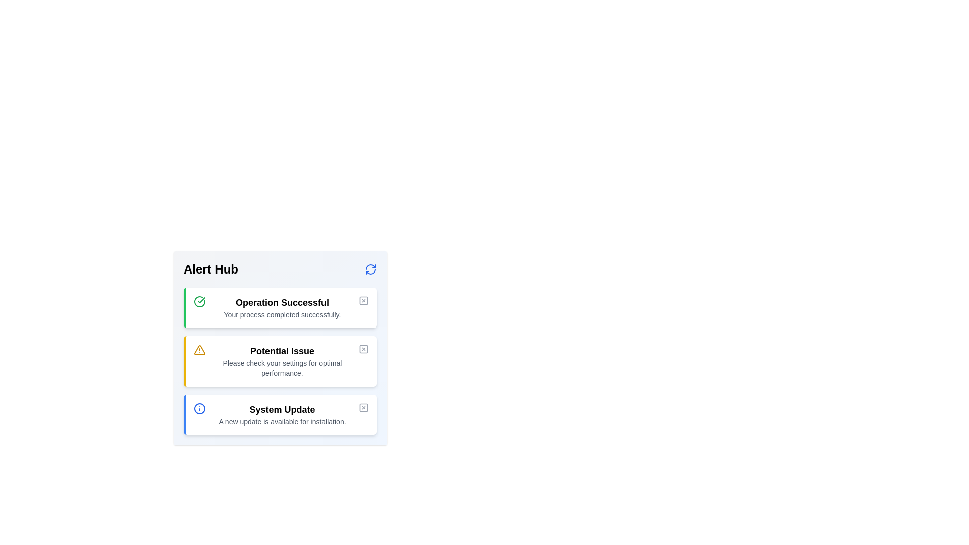  What do you see at coordinates (199, 350) in the screenshot?
I see `the warning indicator icon located to the left of the text 'Potential Issue' in the second alert box of the Alert Hub section` at bounding box center [199, 350].